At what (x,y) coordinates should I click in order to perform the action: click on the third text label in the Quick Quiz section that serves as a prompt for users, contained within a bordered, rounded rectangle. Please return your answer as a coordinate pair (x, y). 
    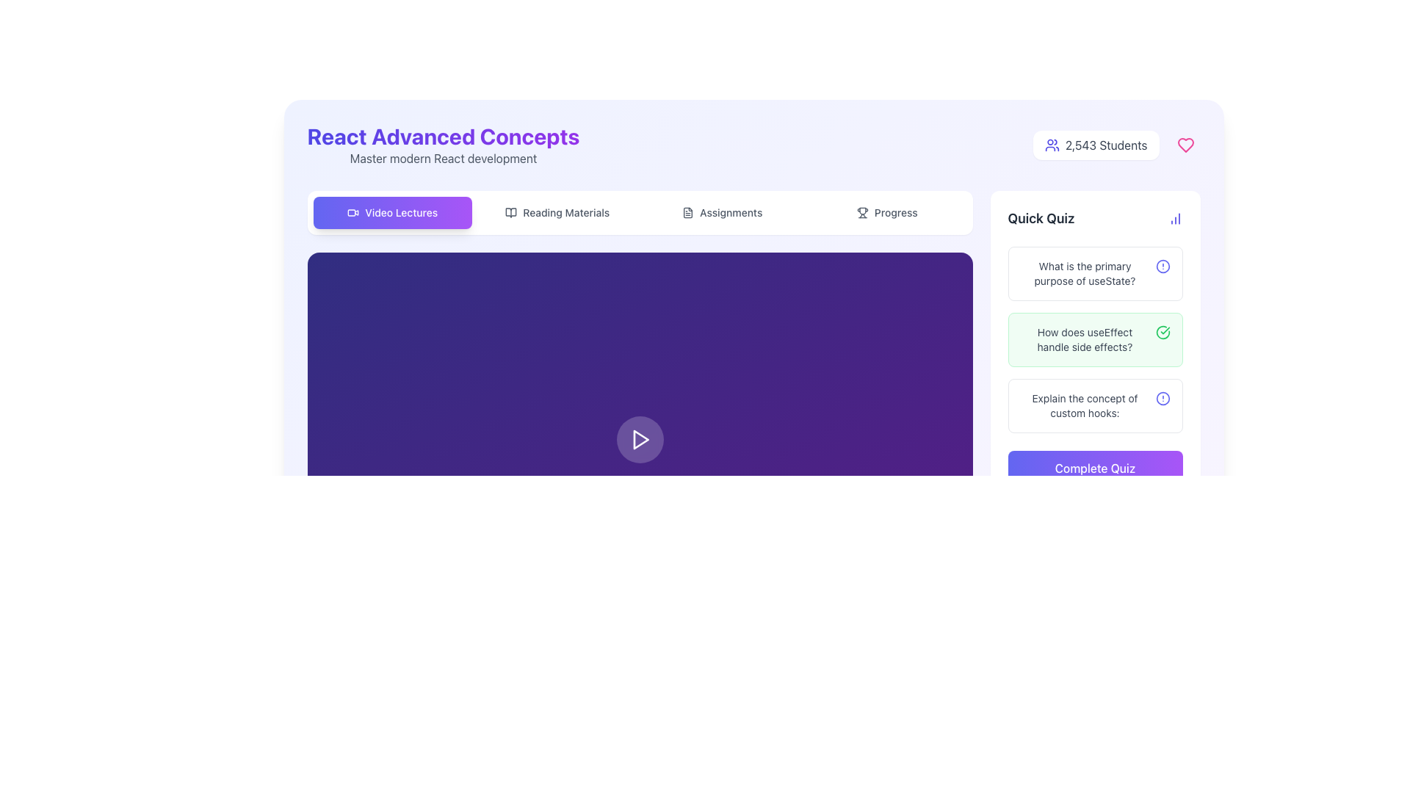
    Looking at the image, I should click on (1095, 405).